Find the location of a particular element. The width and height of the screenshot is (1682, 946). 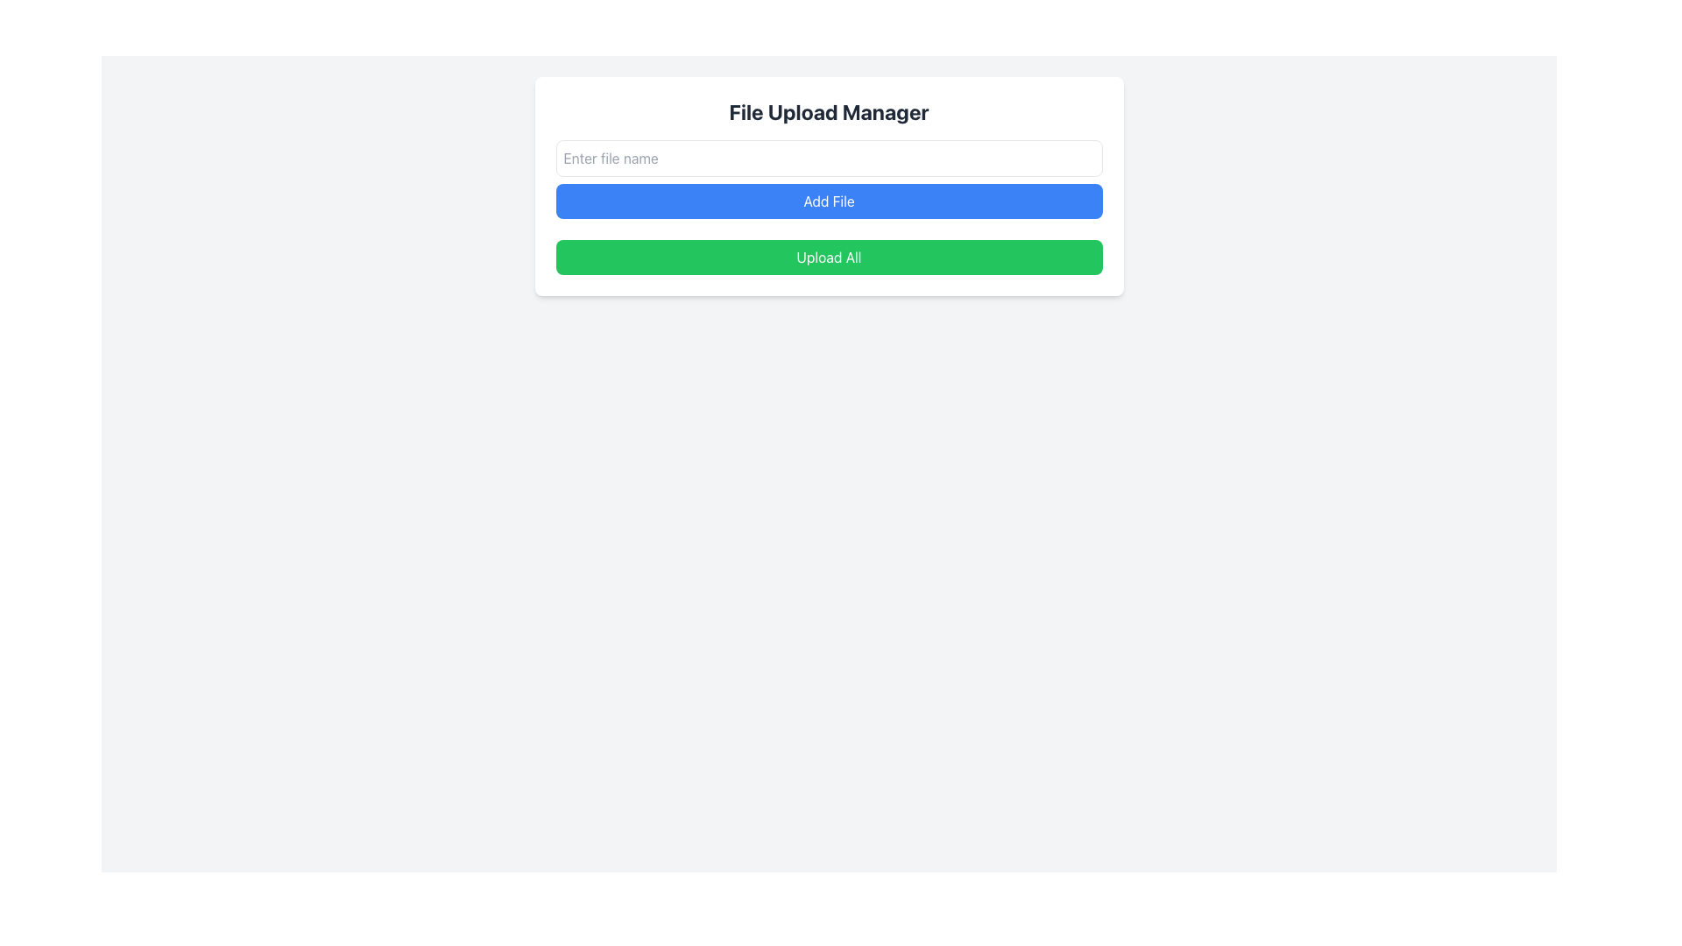

the header text 'File Upload Manager', which is prominently styled in bold and large font, located at the top of the section is located at coordinates (828, 111).